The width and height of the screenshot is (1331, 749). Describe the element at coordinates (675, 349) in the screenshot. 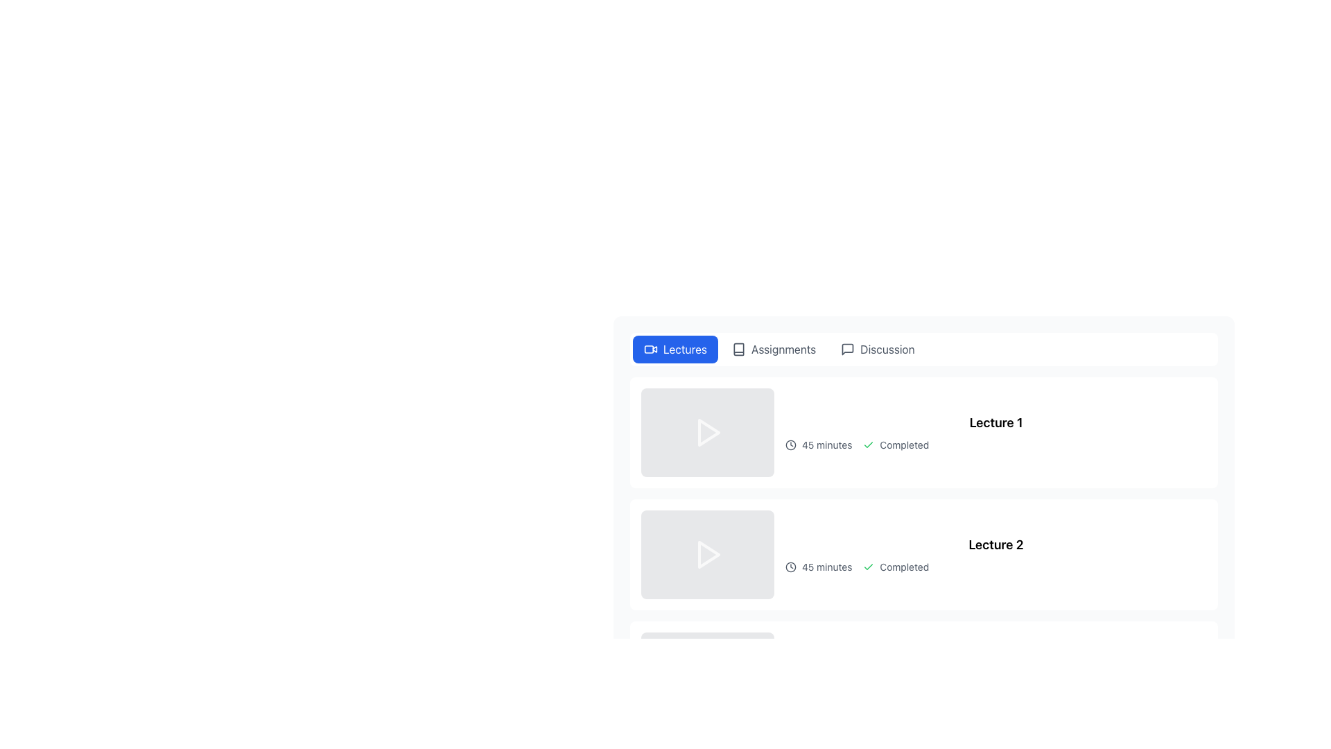

I see `the navigation button on the left side of the horizontal menu bar` at that location.